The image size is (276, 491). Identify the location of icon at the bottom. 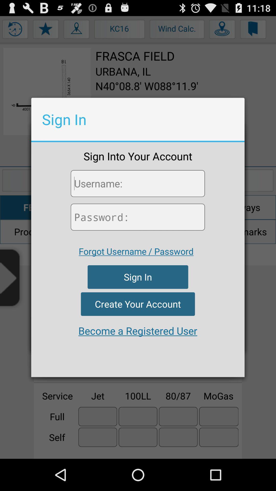
(137, 331).